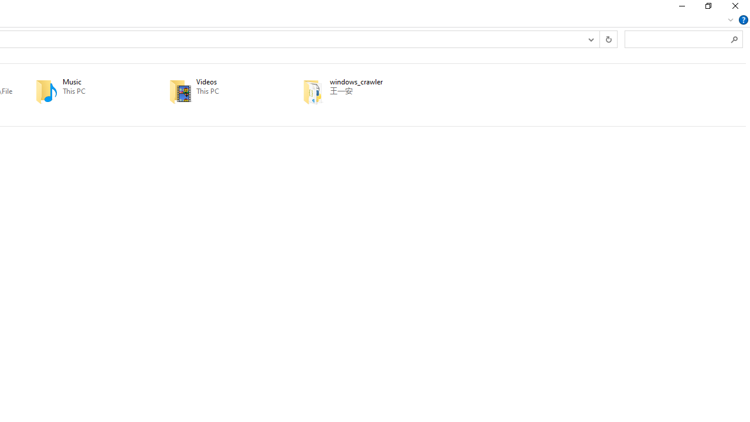  What do you see at coordinates (591, 38) in the screenshot?
I see `'Previous Locations'` at bounding box center [591, 38].